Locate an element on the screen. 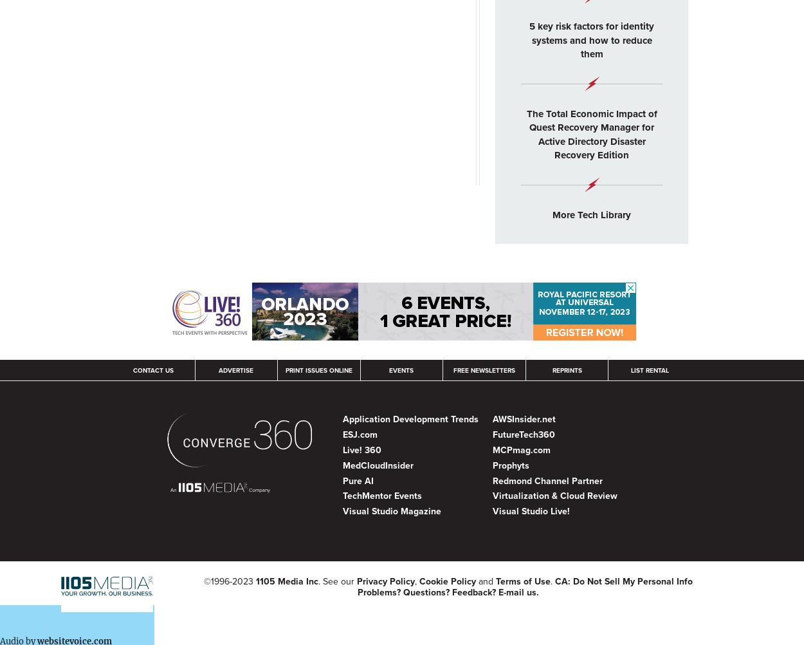 This screenshot has width=804, height=645. 'CA: Do Not Sell My Personal Info' is located at coordinates (623, 581).